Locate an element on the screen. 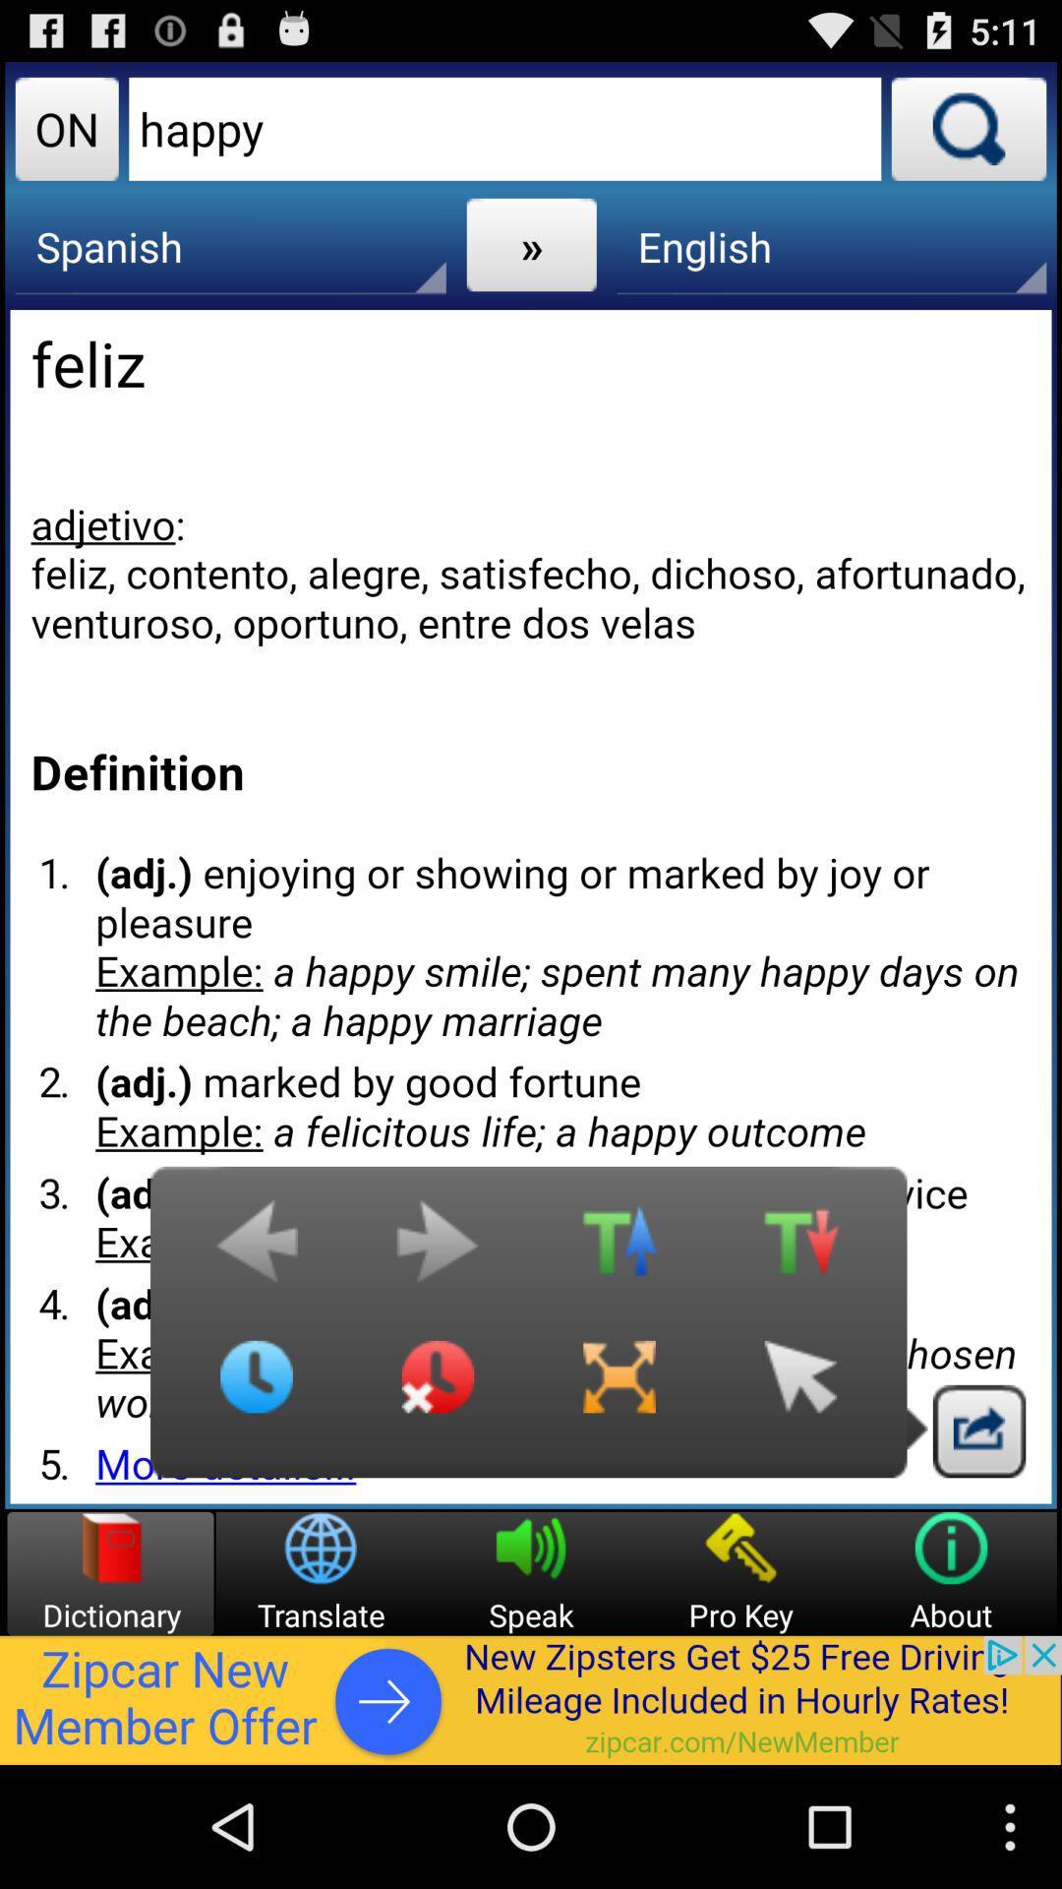 Image resolution: width=1062 pixels, height=1889 pixels. time icon is located at coordinates (437, 1391).